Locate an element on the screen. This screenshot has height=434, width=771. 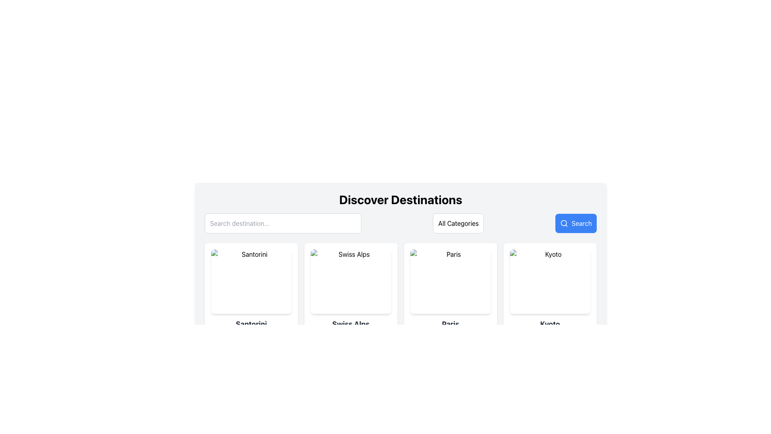
the 'Swiss Alps' card to enlarge it slightly, which is the second card in a horizontal grid of four cards is located at coordinates (351, 295).